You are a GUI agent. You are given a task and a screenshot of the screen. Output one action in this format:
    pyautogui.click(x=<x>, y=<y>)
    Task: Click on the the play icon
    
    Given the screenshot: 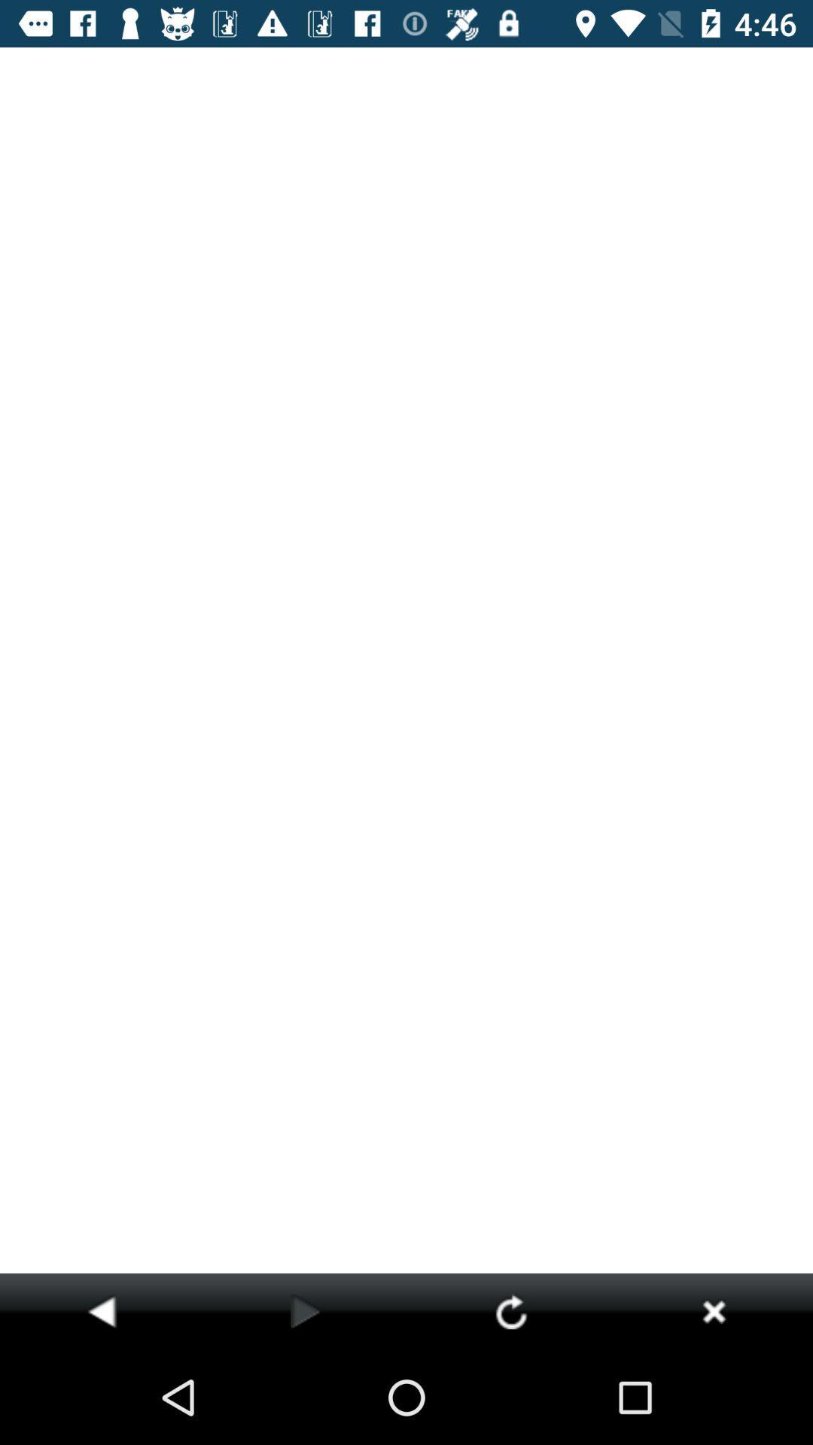 What is the action you would take?
    pyautogui.click(x=305, y=1310)
    